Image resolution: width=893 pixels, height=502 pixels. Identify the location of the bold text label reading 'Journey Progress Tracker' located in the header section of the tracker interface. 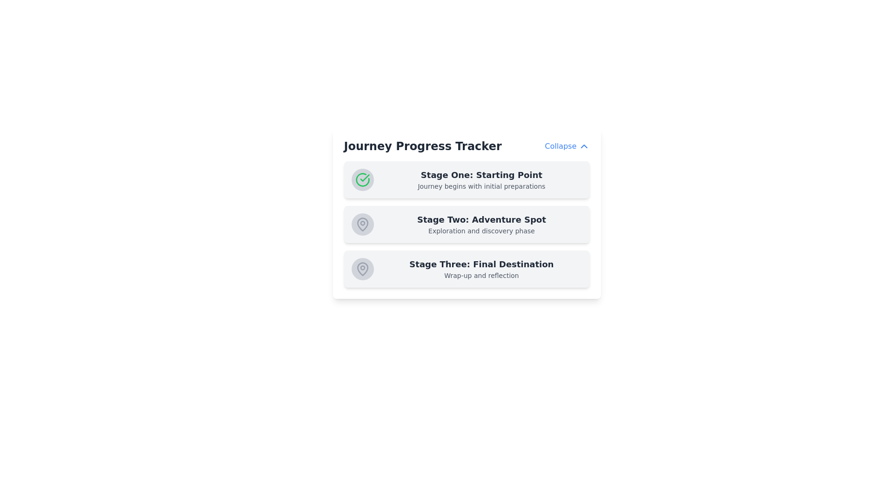
(422, 146).